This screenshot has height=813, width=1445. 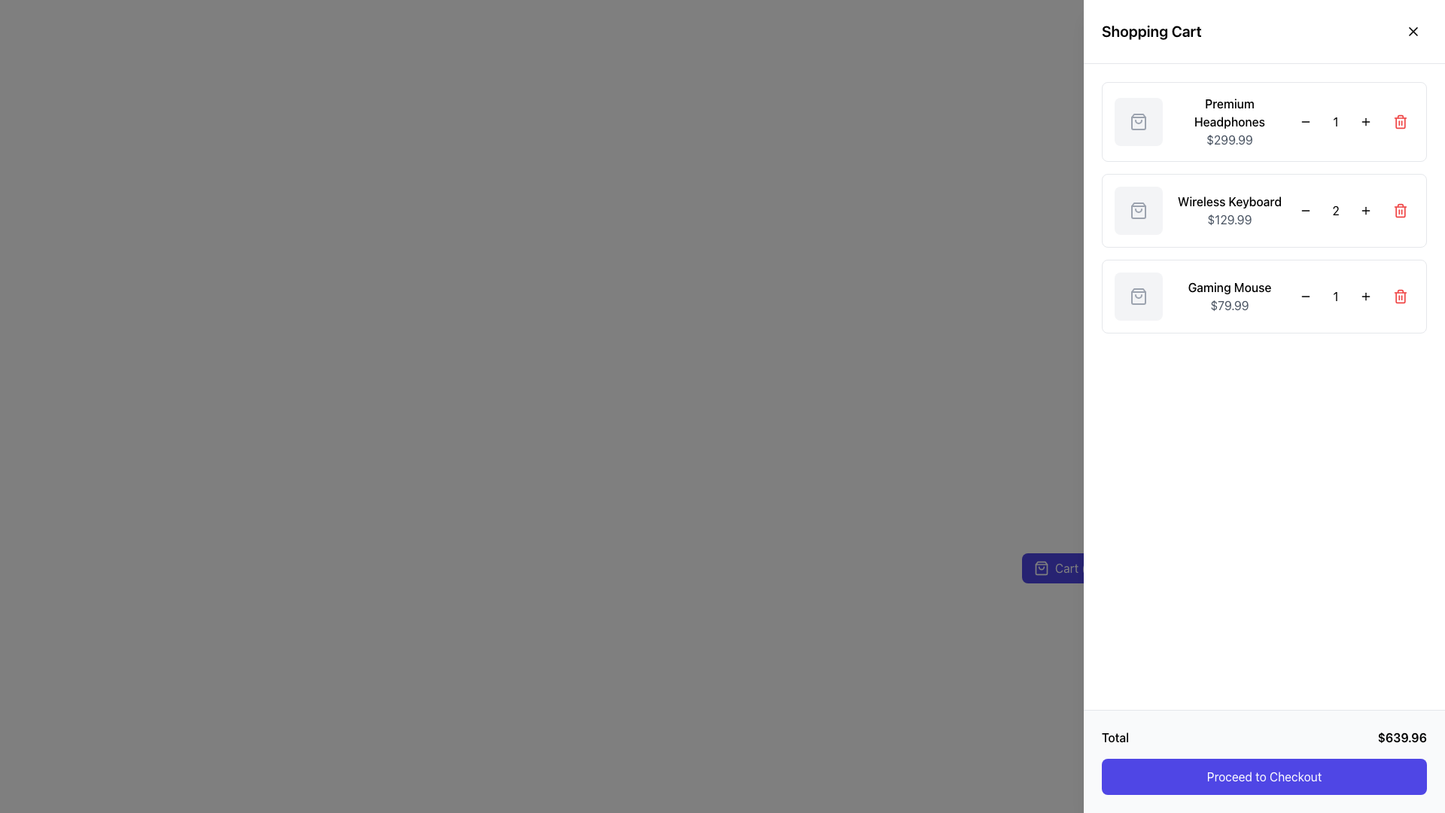 What do you see at coordinates (1336, 296) in the screenshot?
I see `the quantity display element for the 'Gaming Mouse' in the shopping cart, located beneath the product and between the minus ('-') and plus ('+') buttons` at bounding box center [1336, 296].